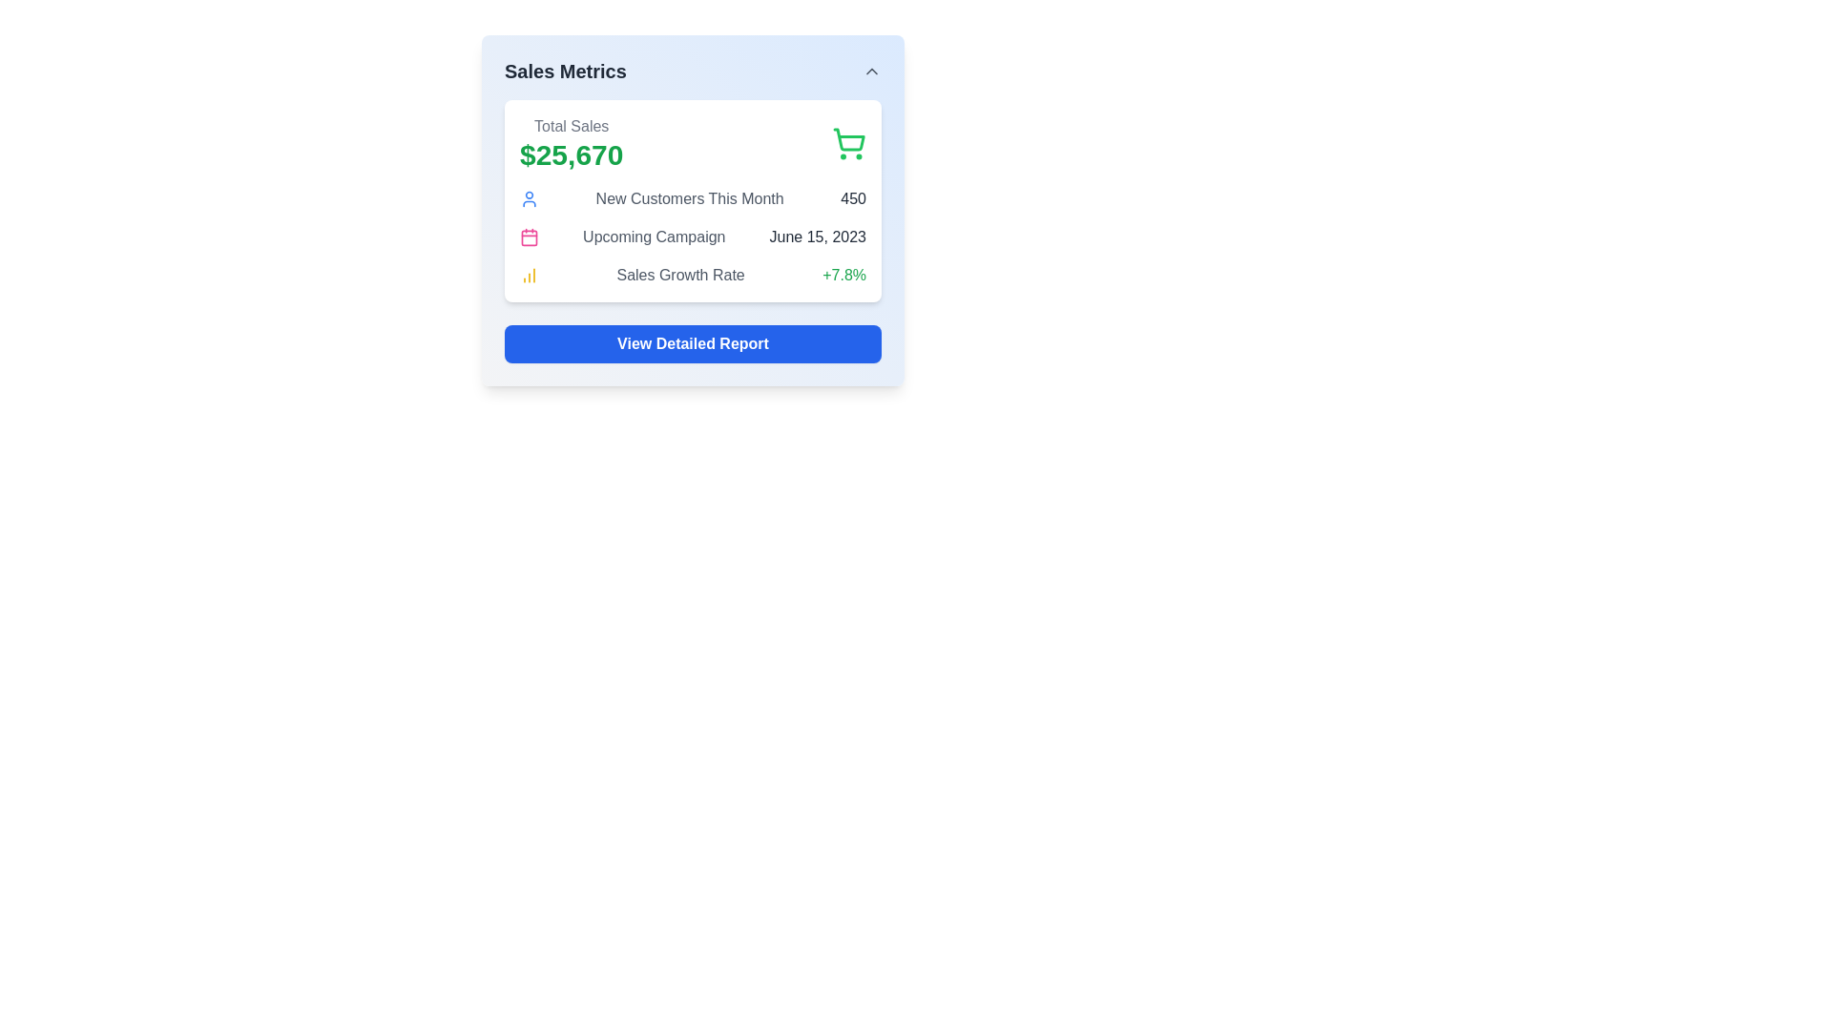  I want to click on the Text Label indicating a section or feature related to future campaigns, located below the pink calendar icon and to the left of the date 'June 15, 2023' in the 'Sales Metrics' card, so click(654, 237).